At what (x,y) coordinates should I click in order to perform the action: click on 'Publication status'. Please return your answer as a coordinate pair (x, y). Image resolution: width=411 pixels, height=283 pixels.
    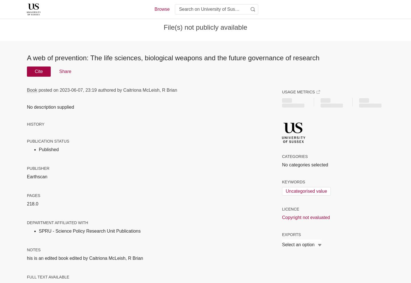
    Looking at the image, I should click on (48, 141).